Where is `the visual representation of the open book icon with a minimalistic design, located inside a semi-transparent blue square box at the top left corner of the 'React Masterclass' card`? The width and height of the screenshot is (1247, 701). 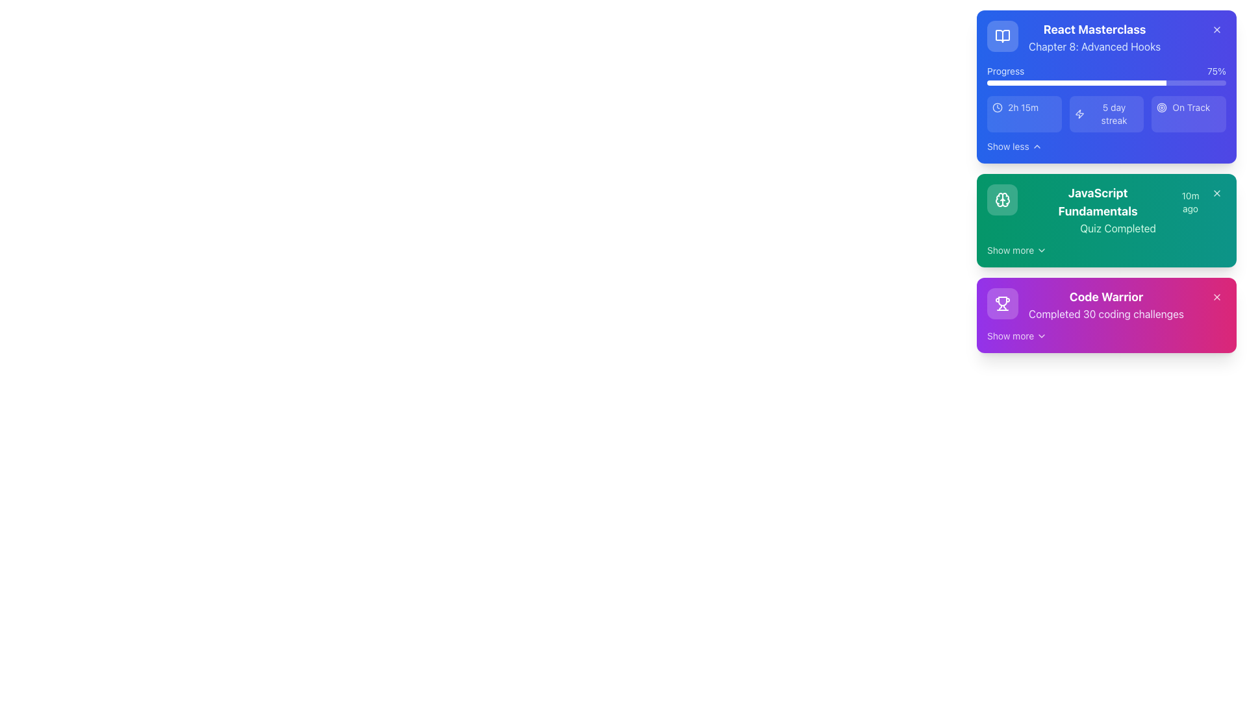
the visual representation of the open book icon with a minimalistic design, located inside a semi-transparent blue square box at the top left corner of the 'React Masterclass' card is located at coordinates (1002, 36).